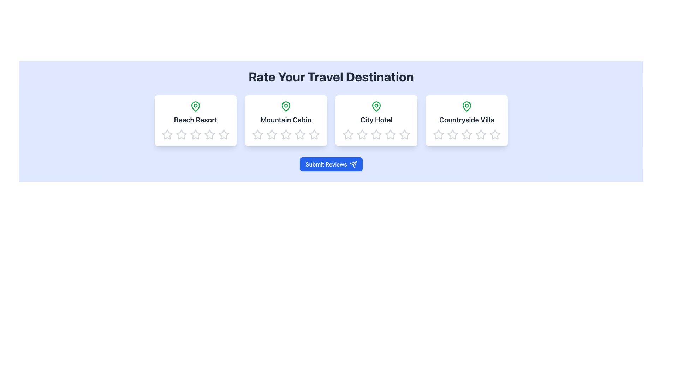 This screenshot has width=678, height=381. I want to click on the 'Submit Reviews' button, which is a rectangular button with white text on a blue background and a small paper plane icon, located below the rating sections for 'Beach Resort,' 'Mountain Cabin,' 'City Hotel,' and 'Countryside Villa.', so click(331, 164).